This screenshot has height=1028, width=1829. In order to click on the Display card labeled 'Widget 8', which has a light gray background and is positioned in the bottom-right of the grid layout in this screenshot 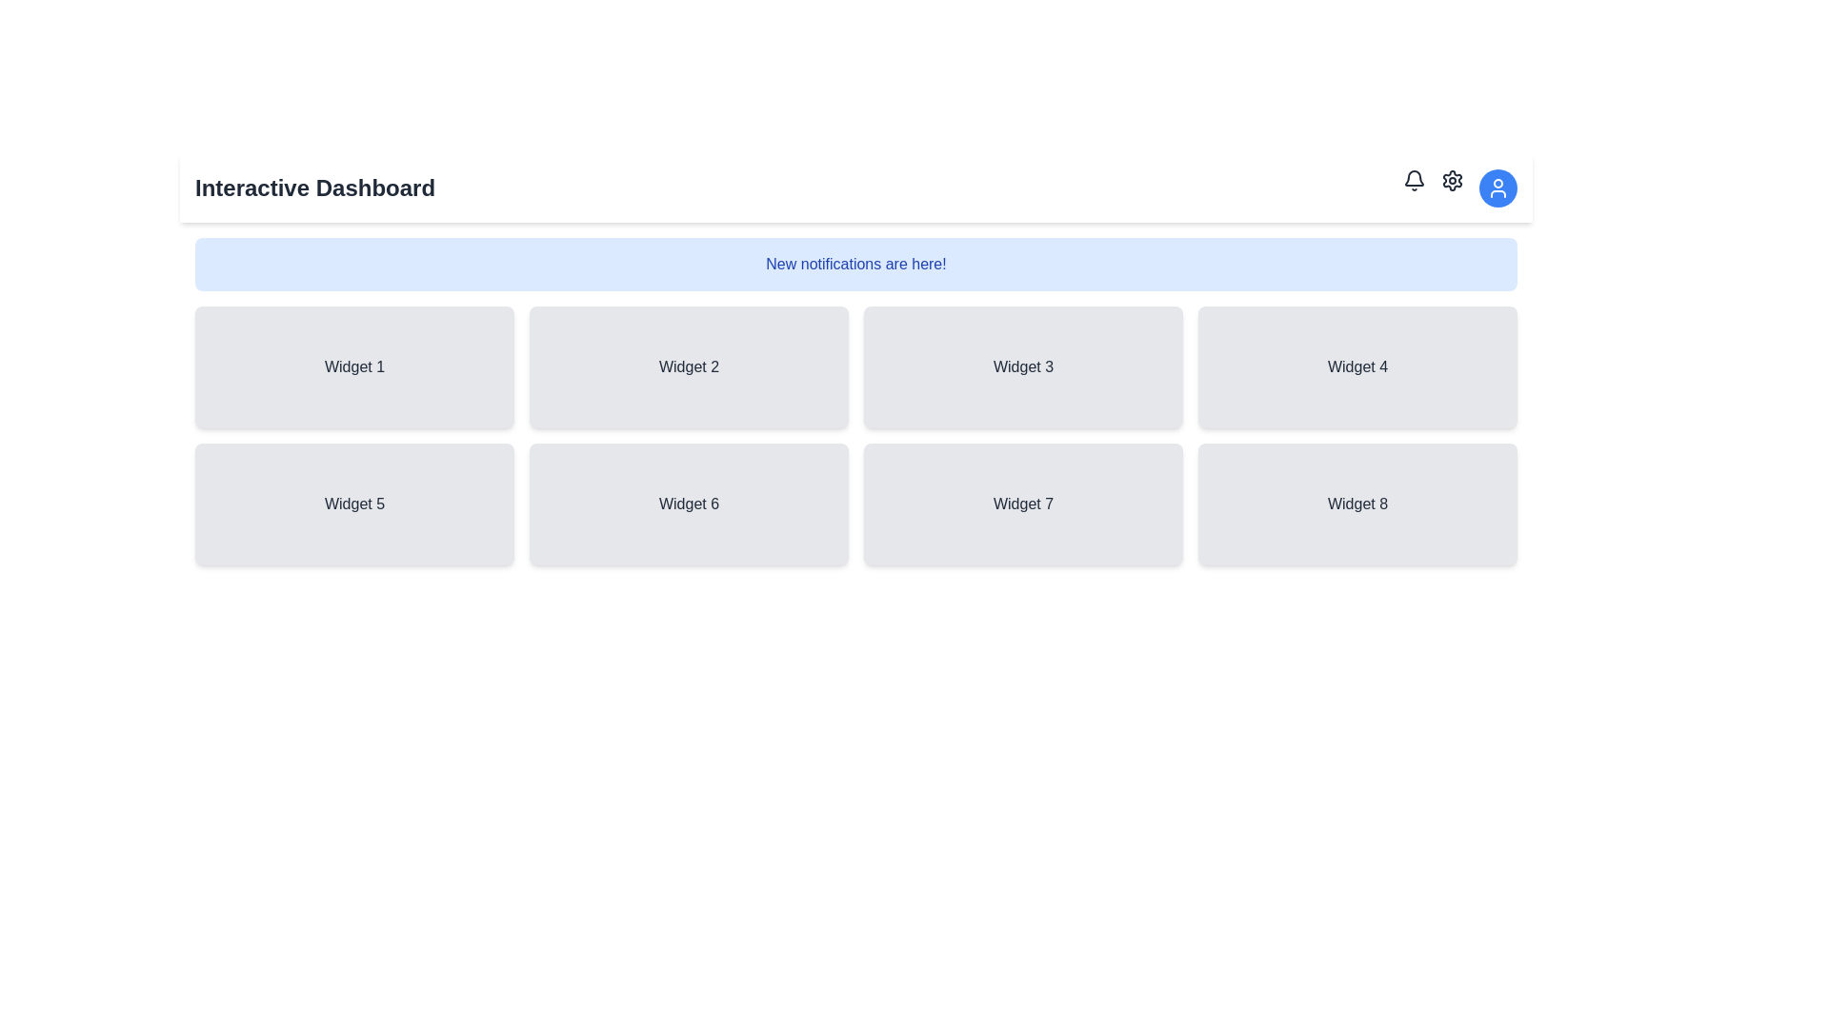, I will do `click(1357, 503)`.